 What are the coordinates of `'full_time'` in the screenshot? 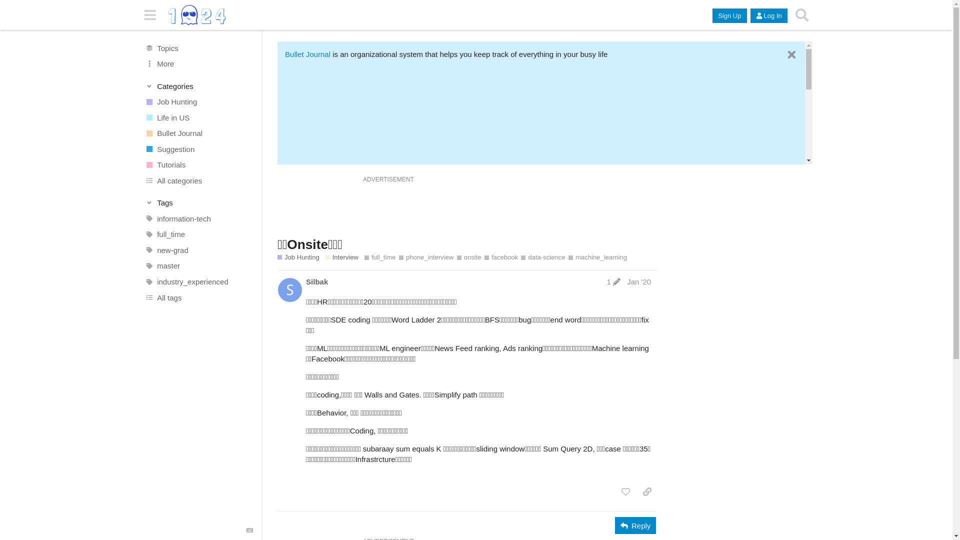 It's located at (364, 257).